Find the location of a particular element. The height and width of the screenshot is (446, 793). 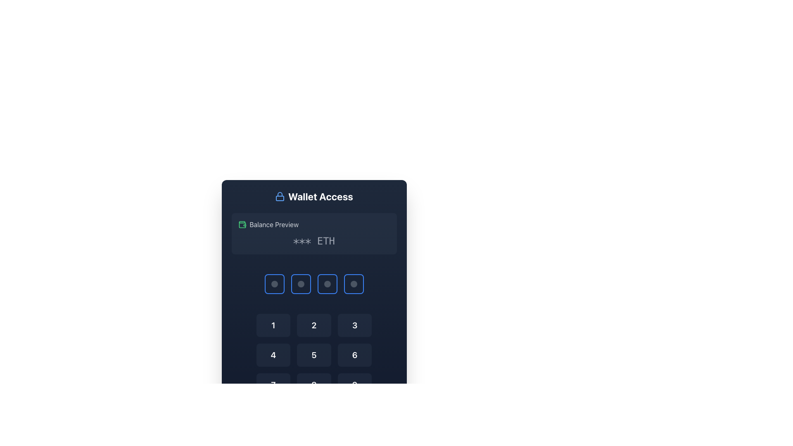

the rectangular button with a dark background labeled '4' to input the number '4' is located at coordinates (273, 355).